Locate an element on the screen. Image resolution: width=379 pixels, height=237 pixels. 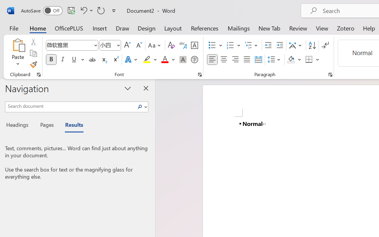
'Align Right' is located at coordinates (235, 60).